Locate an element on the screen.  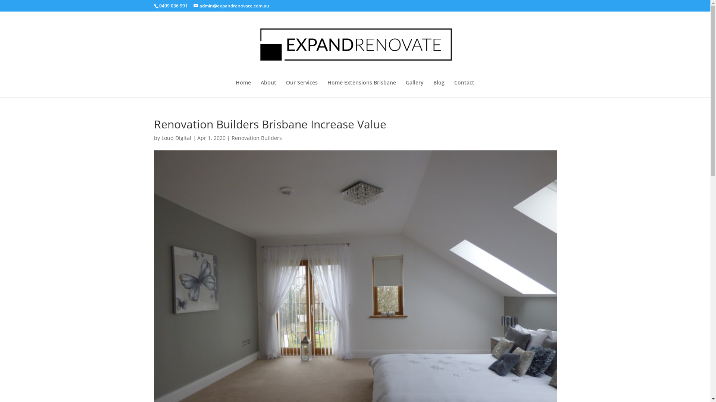
'About' is located at coordinates (268, 88).